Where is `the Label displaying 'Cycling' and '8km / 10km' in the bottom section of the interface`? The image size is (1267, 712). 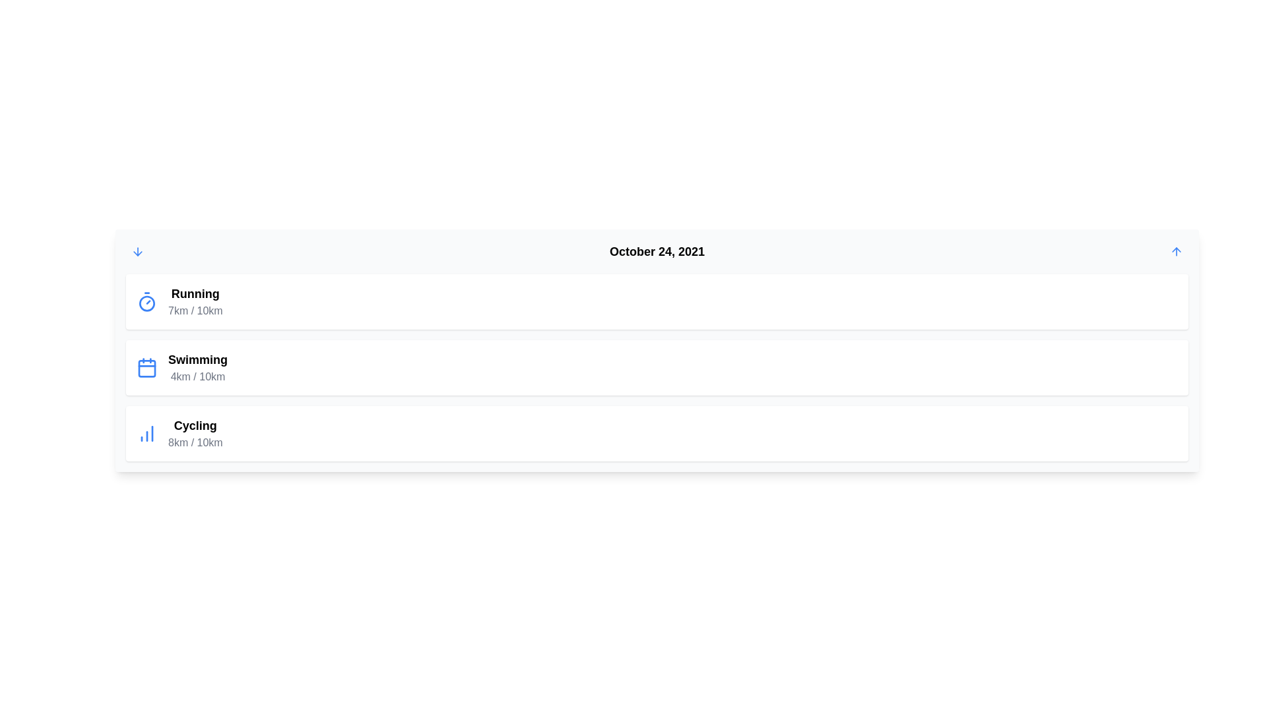 the Label displaying 'Cycling' and '8km / 10km' in the bottom section of the interface is located at coordinates (195, 434).